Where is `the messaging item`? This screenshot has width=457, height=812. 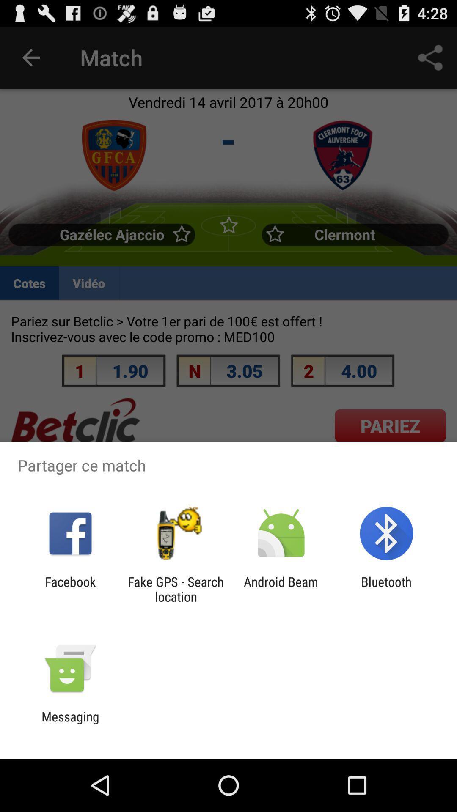
the messaging item is located at coordinates (70, 724).